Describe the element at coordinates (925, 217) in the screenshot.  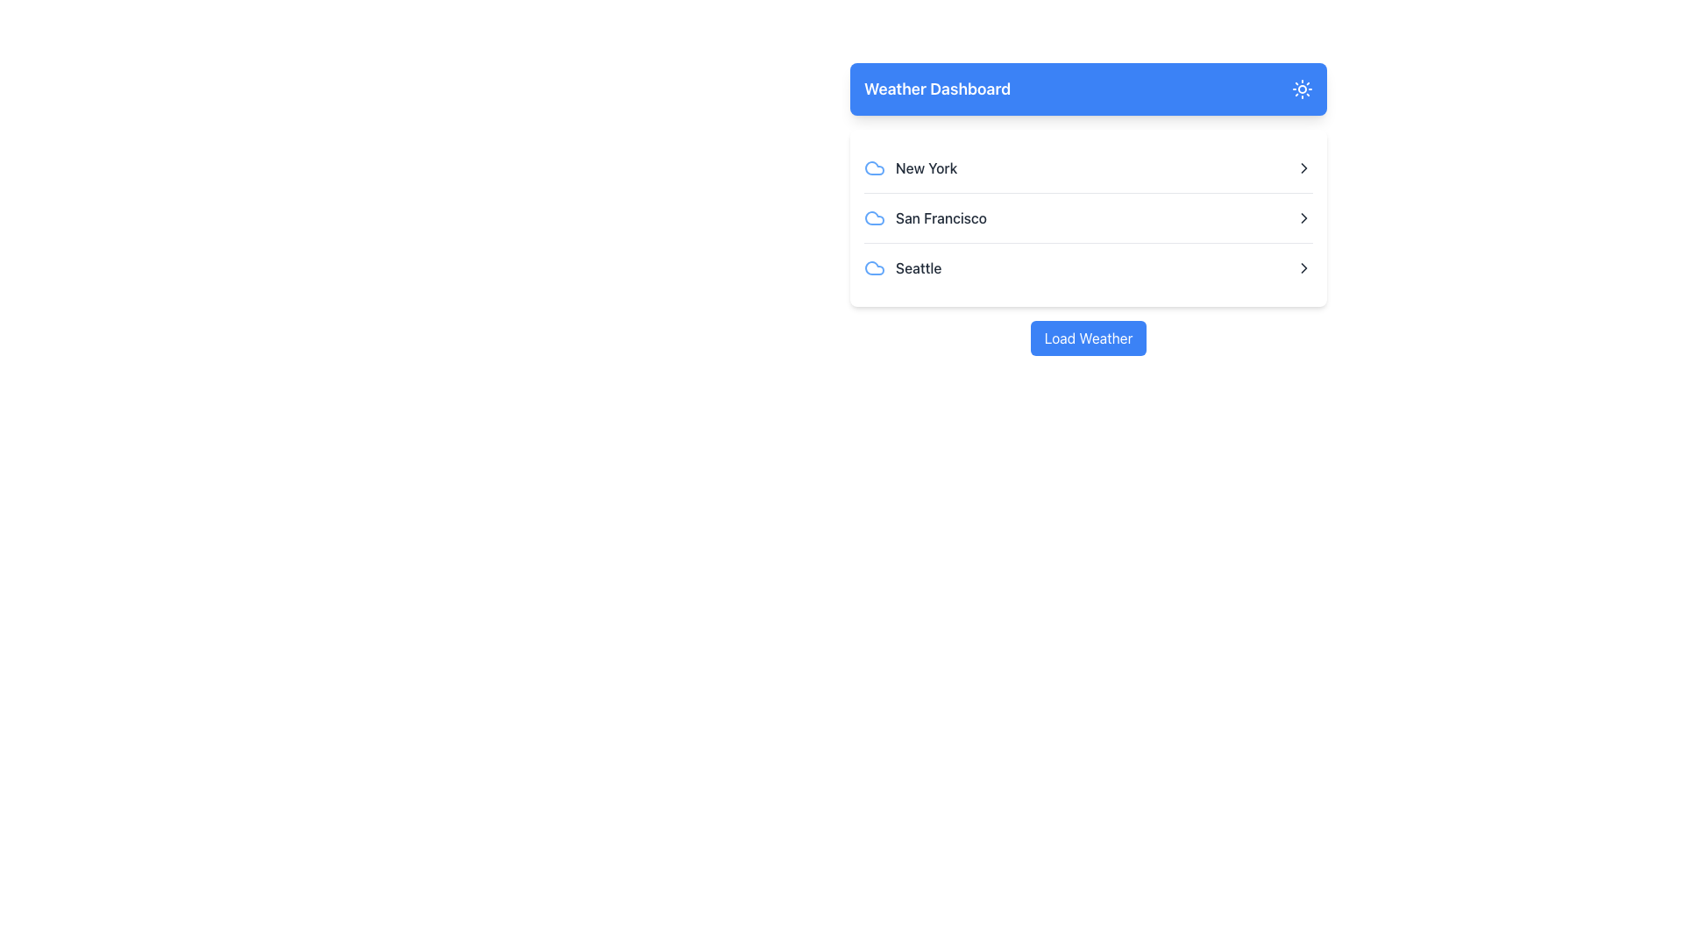
I see `the 'San Francisco' text label with a blue cloud icon` at that location.